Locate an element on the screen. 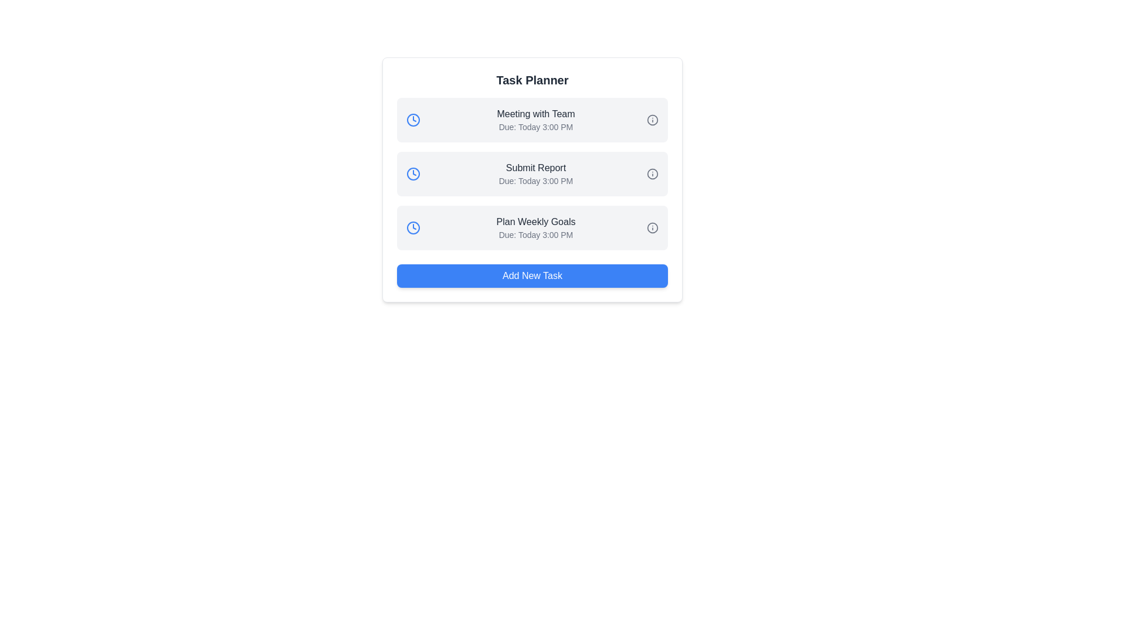 The width and height of the screenshot is (1126, 633). the information indicator icon located in the upper-right corner of the 'Meeting with Team' row, which is the second icon from the right is located at coordinates (652, 120).